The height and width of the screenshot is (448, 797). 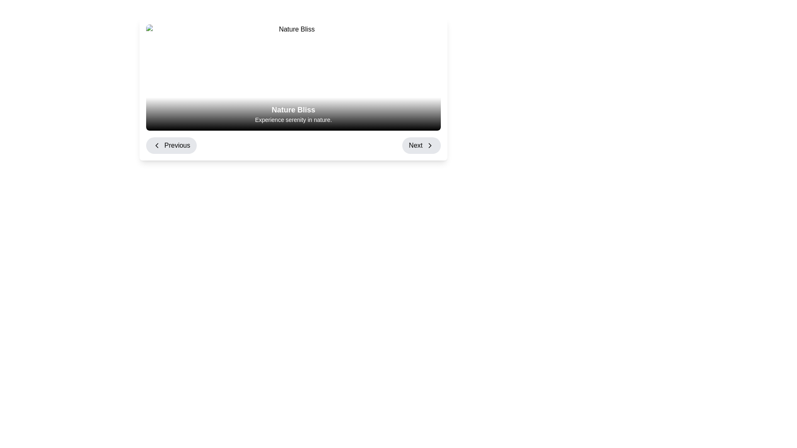 What do you see at coordinates (430, 145) in the screenshot?
I see `the forward navigation arrow icon located at the center of the circular 'Next' button in the bottom-right of the card interface` at bounding box center [430, 145].